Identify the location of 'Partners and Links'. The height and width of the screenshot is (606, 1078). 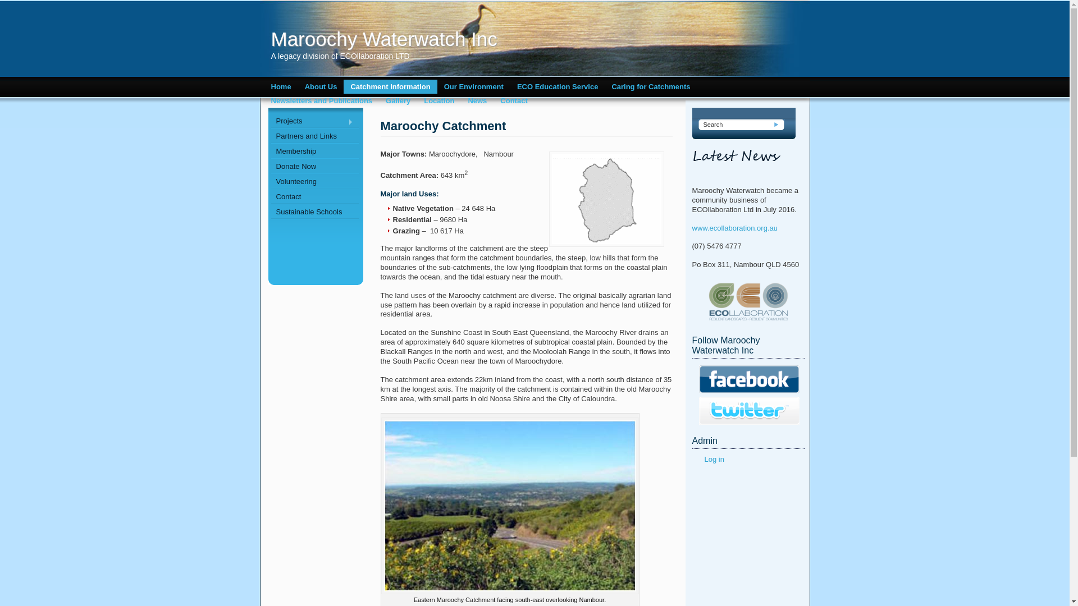
(314, 135).